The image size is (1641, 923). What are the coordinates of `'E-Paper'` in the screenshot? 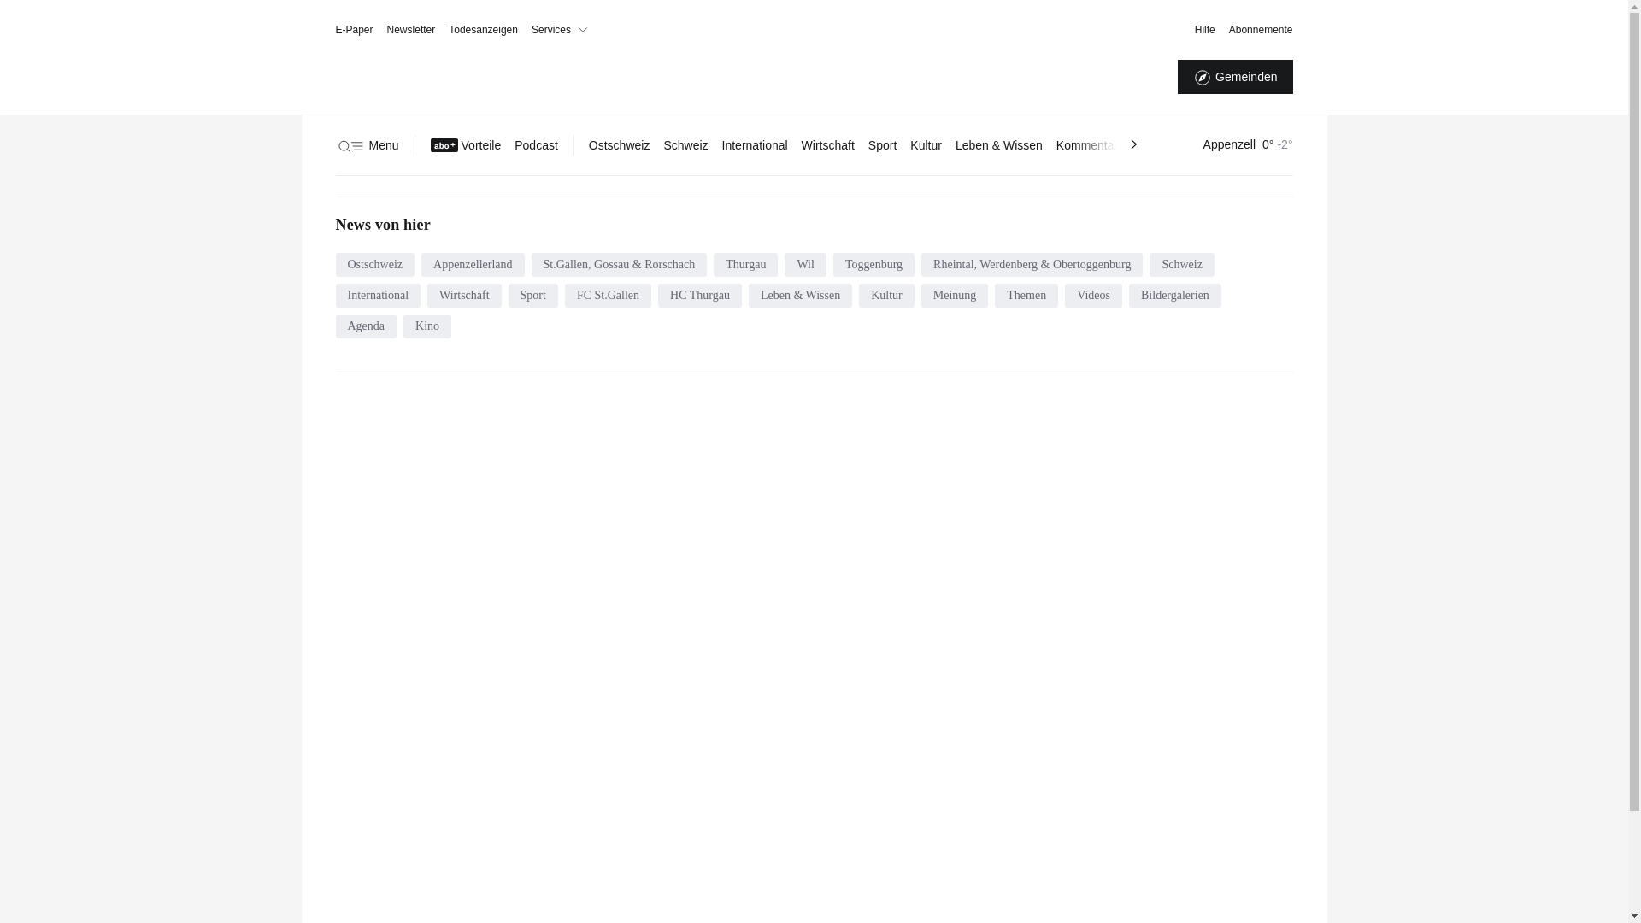 It's located at (335, 29).